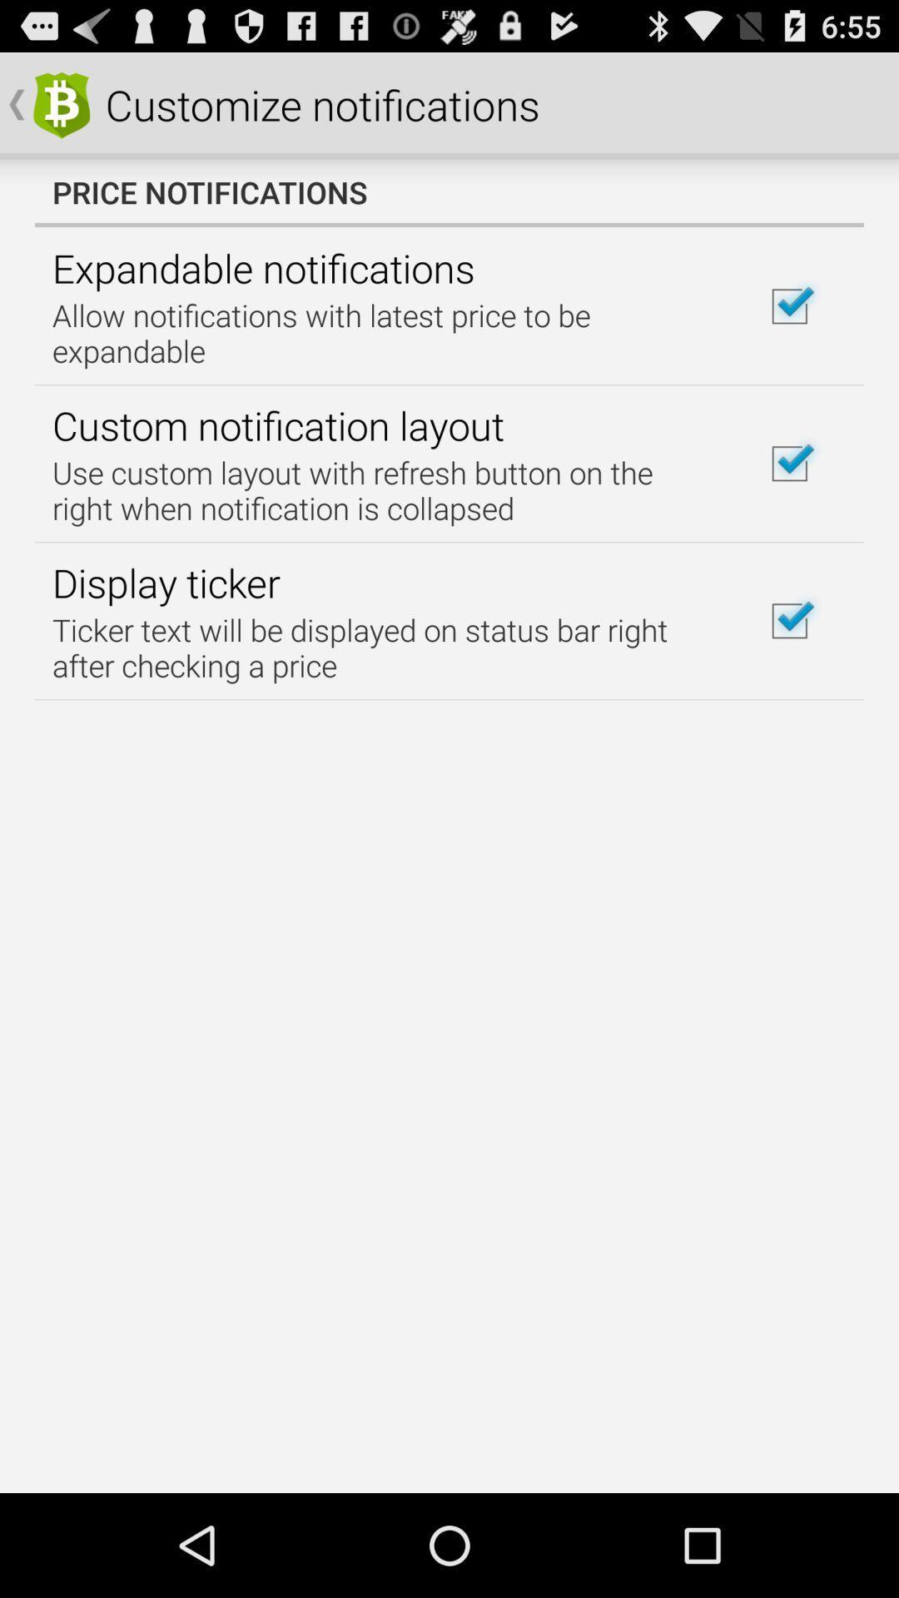 Image resolution: width=899 pixels, height=1598 pixels. I want to click on the display ticker item, so click(166, 583).